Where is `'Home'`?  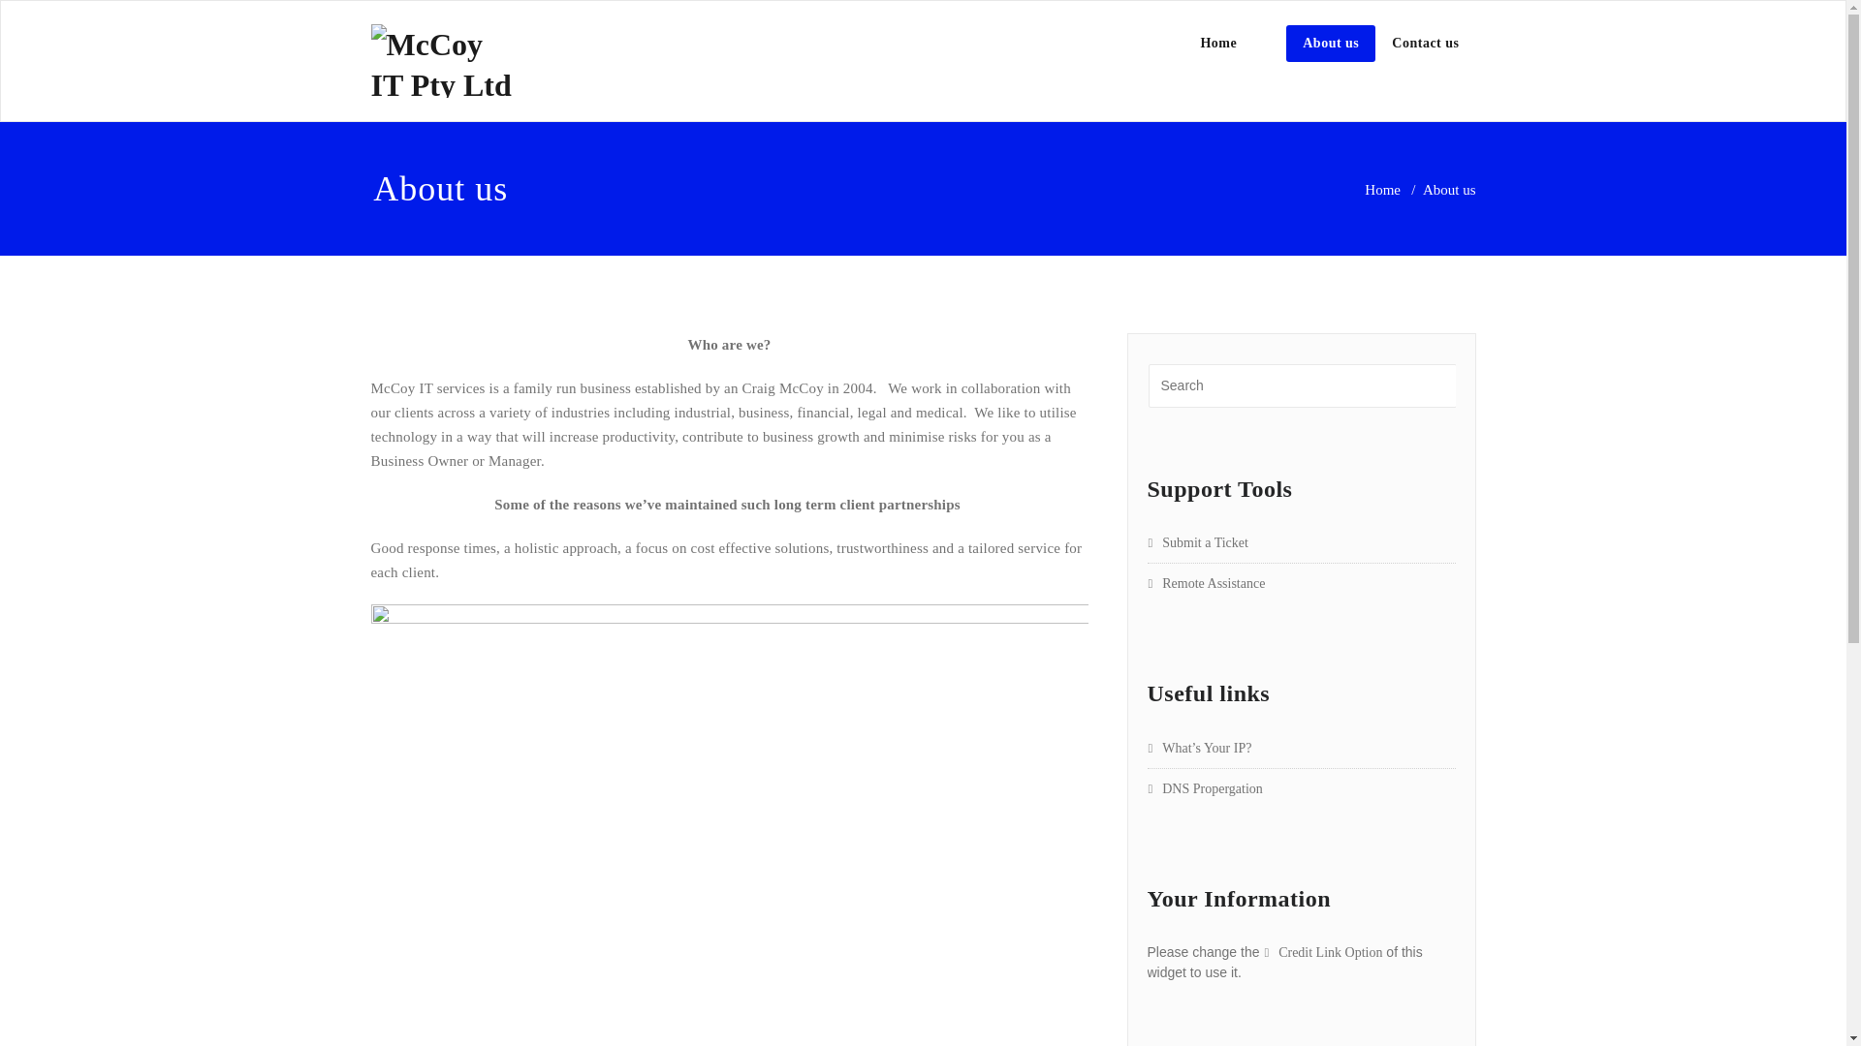 'Home' is located at coordinates (1217, 44).